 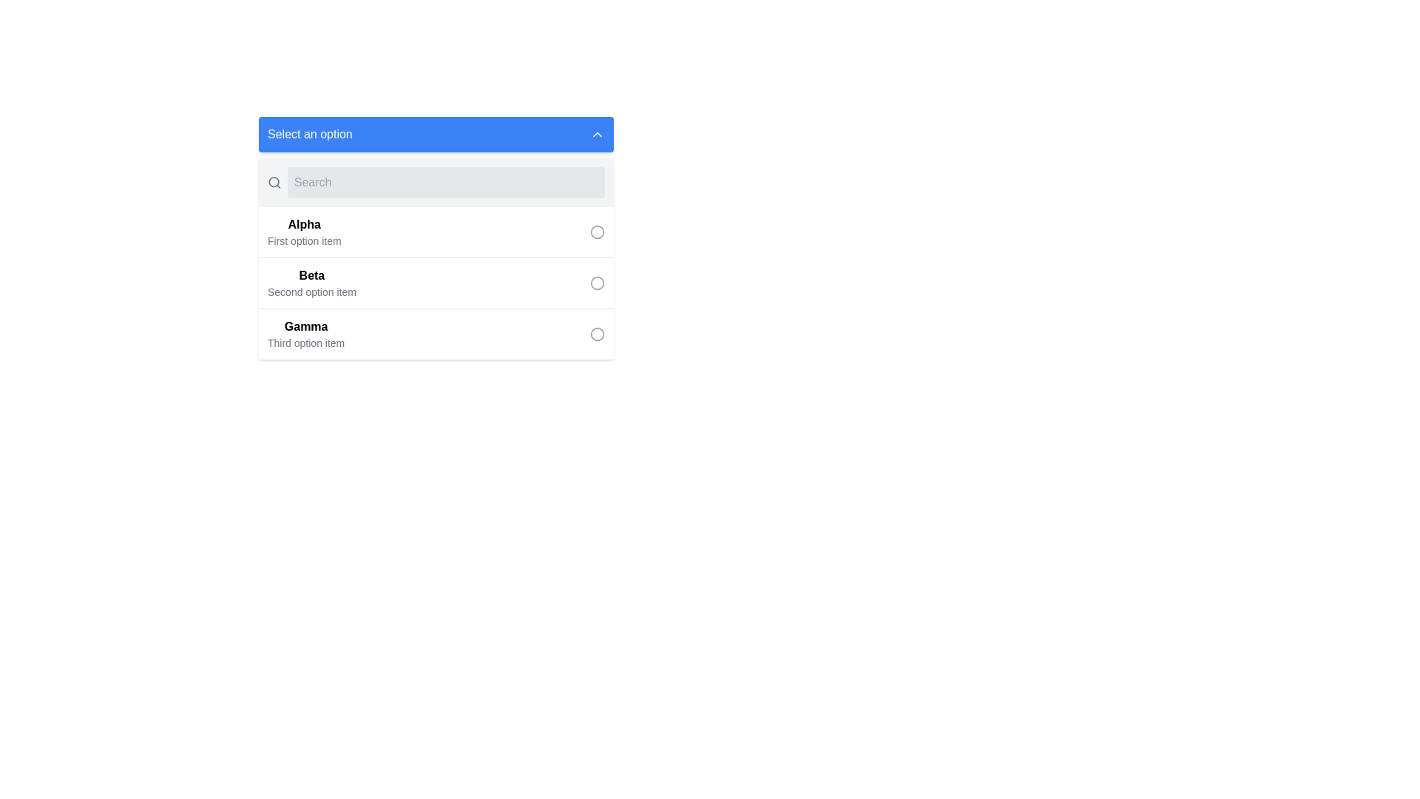 I want to click on the first selectable option in the dropdown list, so click(x=436, y=232).